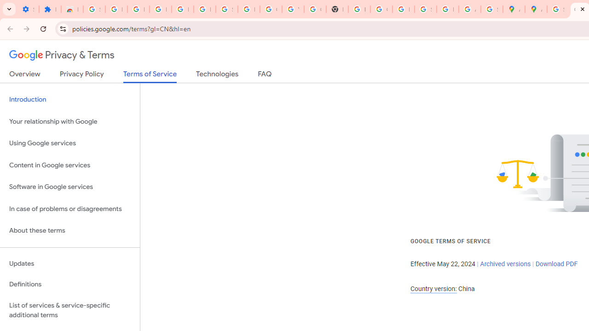 The image size is (589, 331). What do you see at coordinates (69, 165) in the screenshot?
I see `'Content in Google services'` at bounding box center [69, 165].